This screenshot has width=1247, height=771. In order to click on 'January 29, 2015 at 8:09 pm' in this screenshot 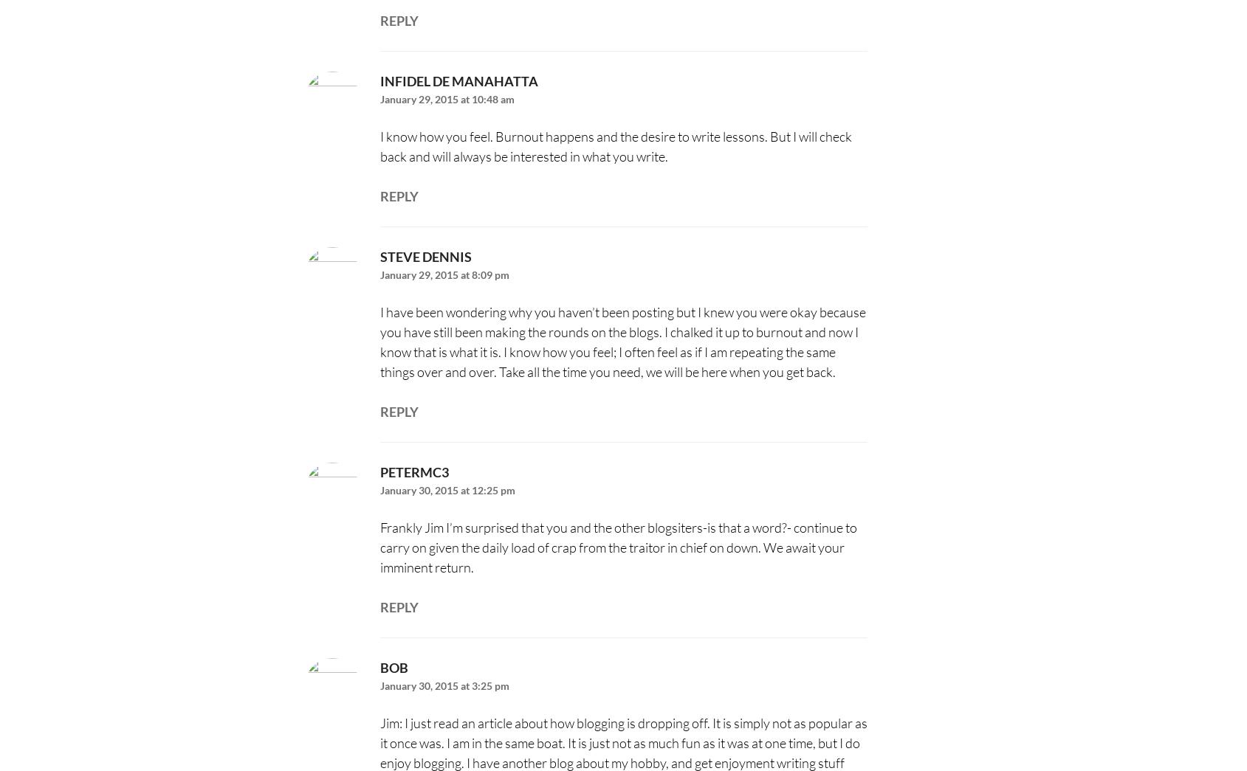, I will do `click(443, 274)`.